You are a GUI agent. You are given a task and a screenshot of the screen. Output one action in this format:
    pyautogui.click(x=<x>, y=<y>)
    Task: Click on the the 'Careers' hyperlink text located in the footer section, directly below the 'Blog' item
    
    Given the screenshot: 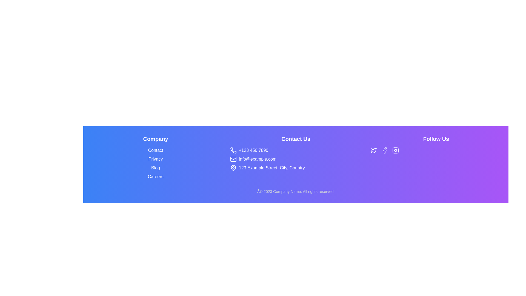 What is the action you would take?
    pyautogui.click(x=155, y=177)
    